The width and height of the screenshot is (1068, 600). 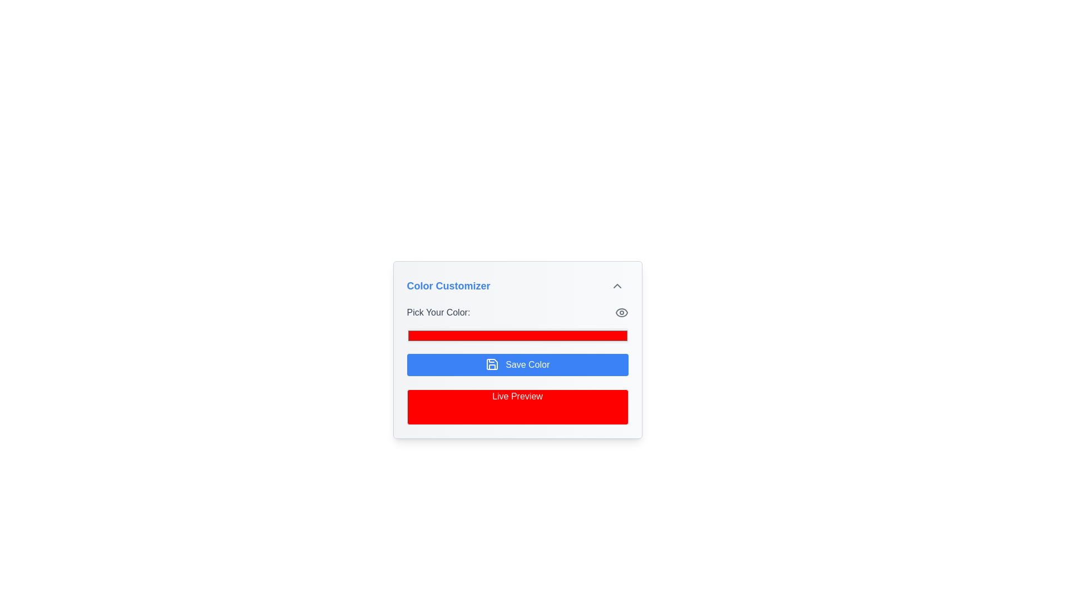 I want to click on the save button located in the middle section of the form, beneath the color picker and above the 'Live Preview' element, so click(x=517, y=364).